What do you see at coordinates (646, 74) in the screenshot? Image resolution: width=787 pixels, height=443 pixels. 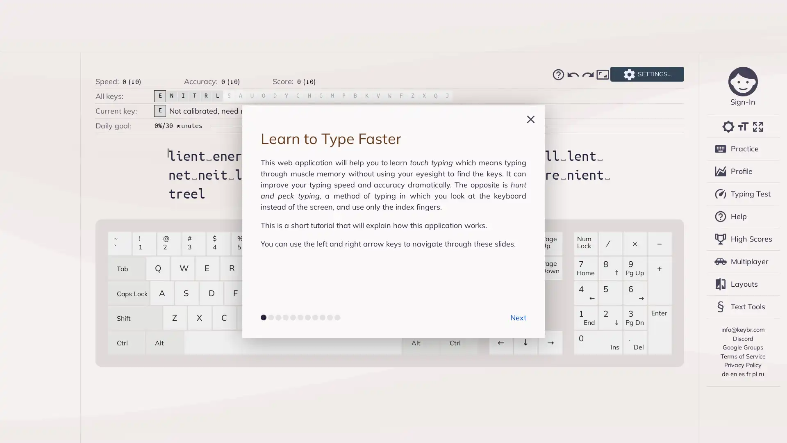 I see `SETTINGS...` at bounding box center [646, 74].